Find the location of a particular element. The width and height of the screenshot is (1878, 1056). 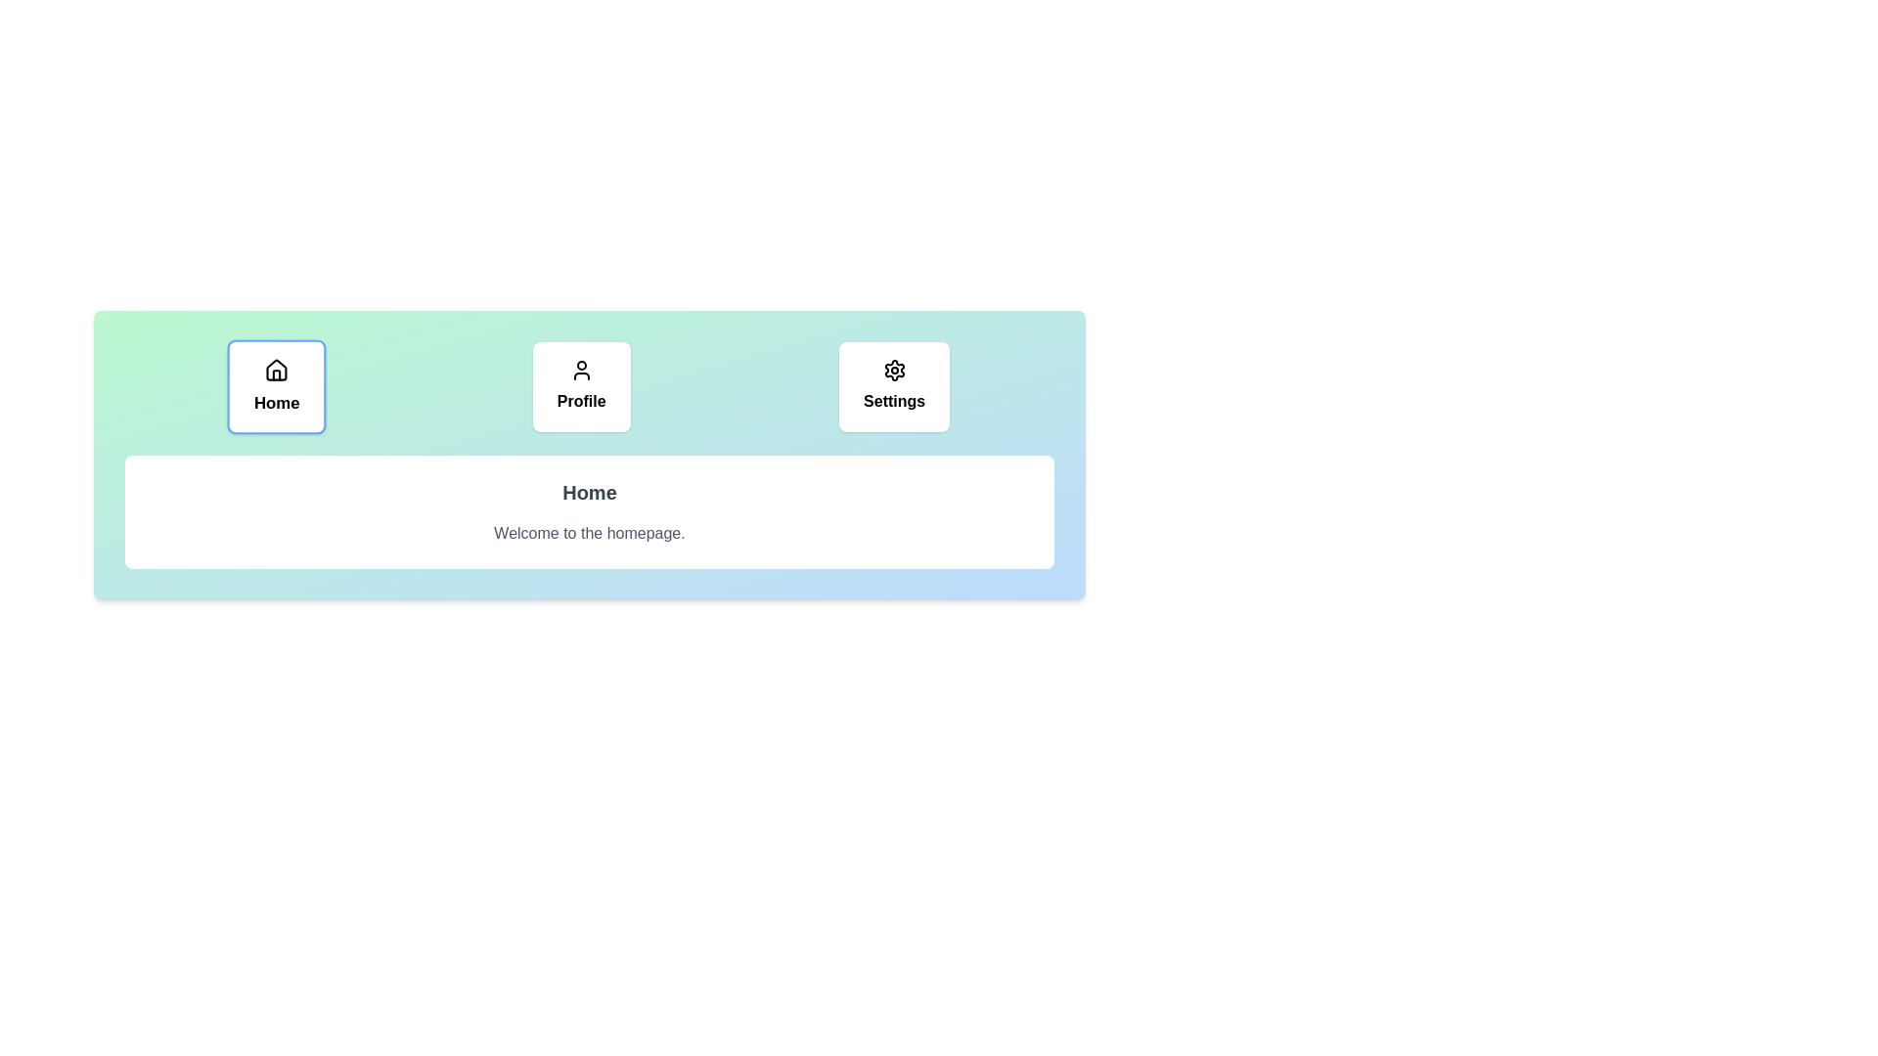

the tab button corresponding to Settings is located at coordinates (893, 387).